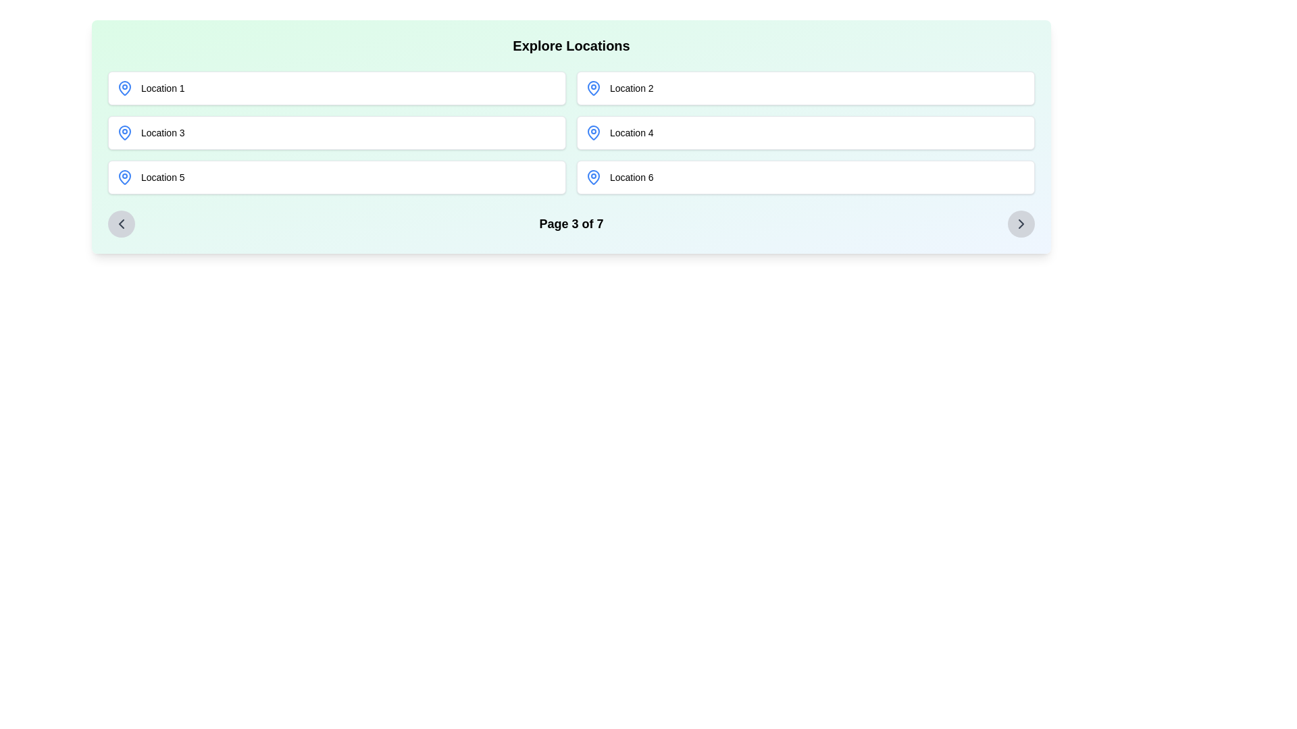 The image size is (1297, 729). What do you see at coordinates (125, 176) in the screenshot?
I see `the blue location marker icon that appears as a pin, located to the left of the 'Location 5' list item` at bounding box center [125, 176].